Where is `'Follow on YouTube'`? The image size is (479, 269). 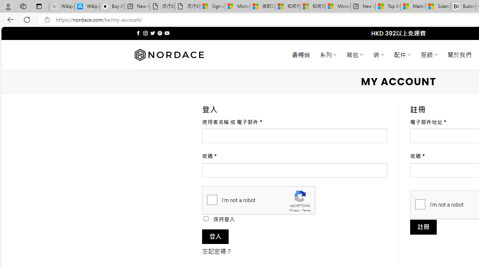 'Follow on YouTube' is located at coordinates (167, 33).